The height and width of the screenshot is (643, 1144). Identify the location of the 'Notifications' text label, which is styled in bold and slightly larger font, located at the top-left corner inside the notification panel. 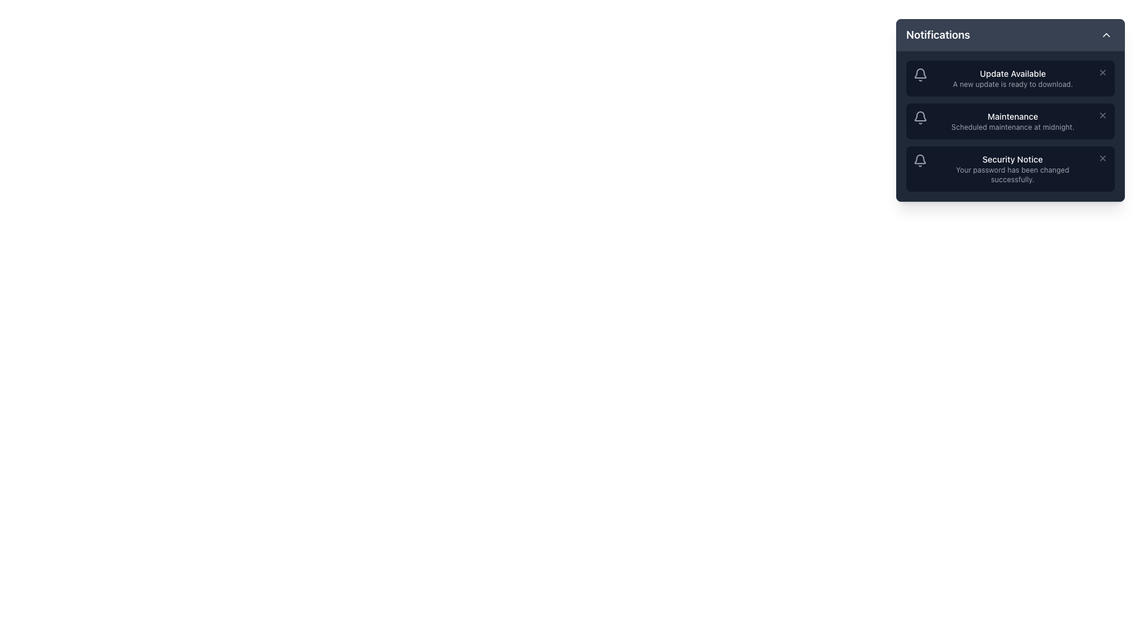
(937, 34).